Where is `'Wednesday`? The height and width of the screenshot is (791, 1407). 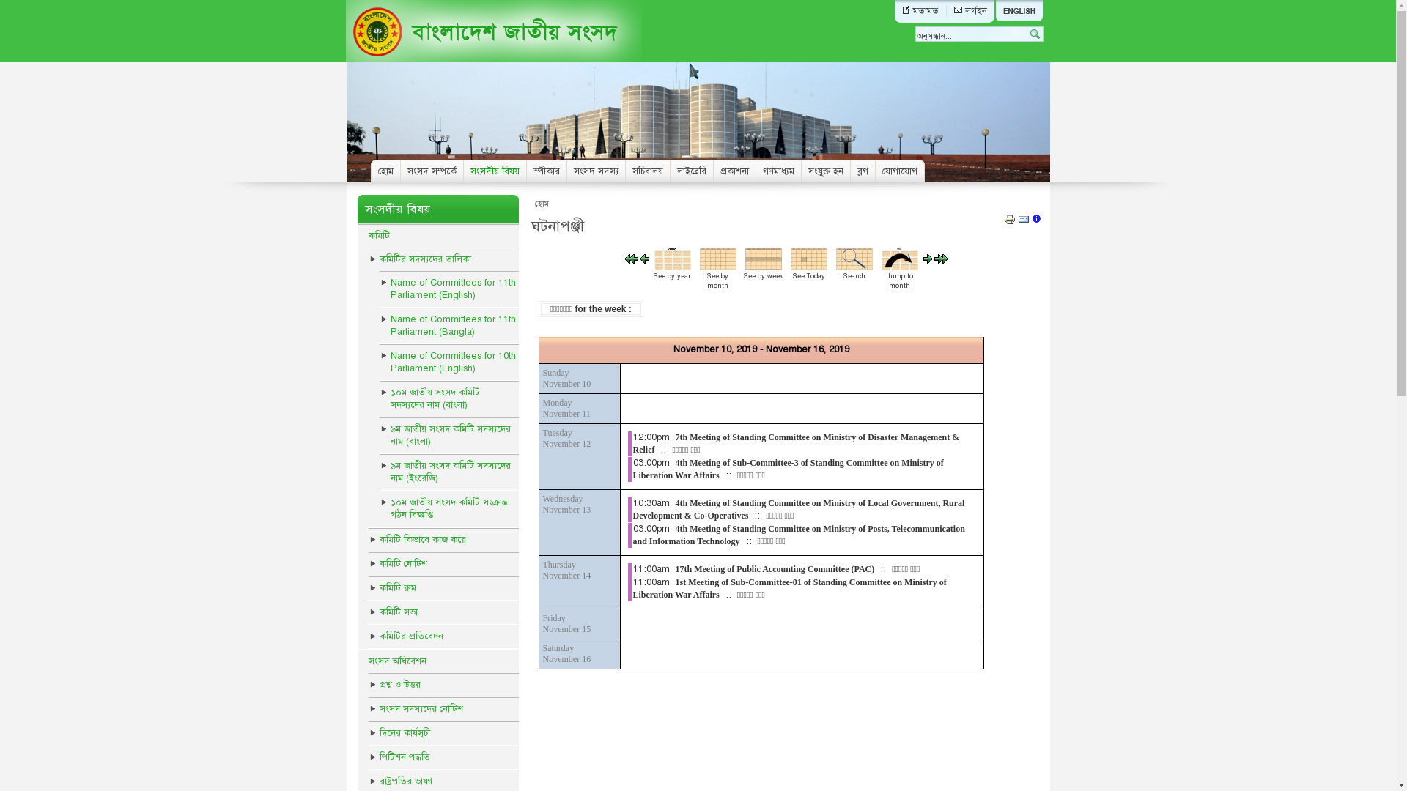
'Wednesday is located at coordinates (565, 503).